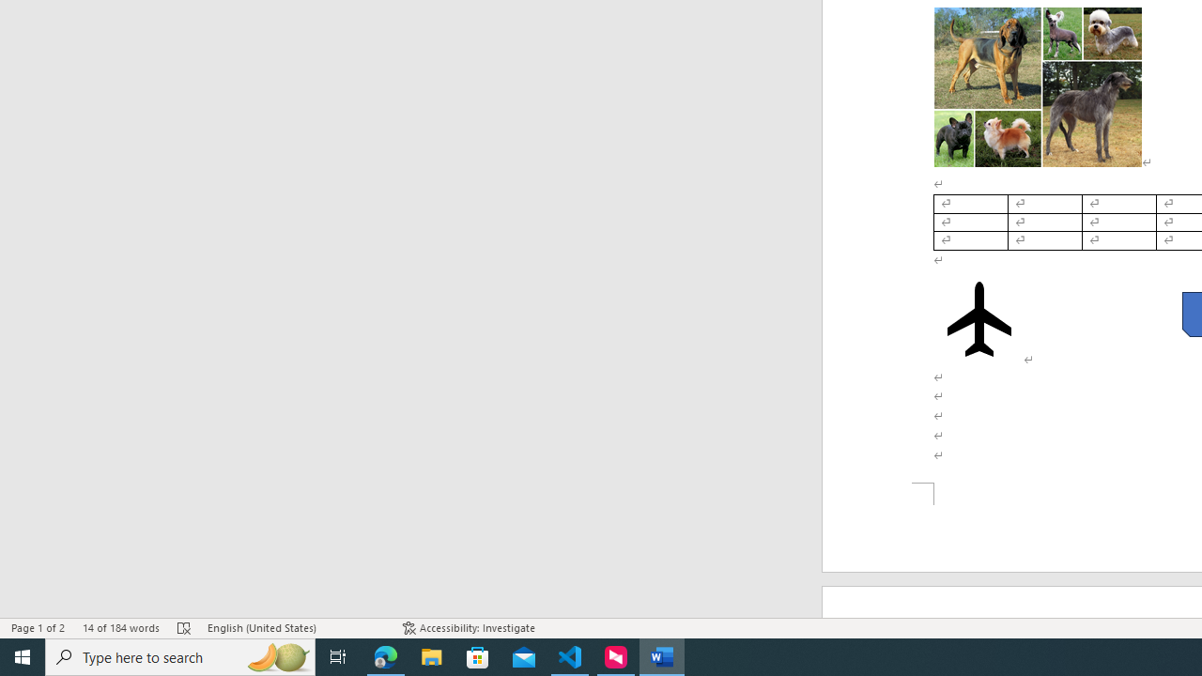  Describe the element at coordinates (38, 628) in the screenshot. I see `'Page Number Page 1 of 2'` at that location.